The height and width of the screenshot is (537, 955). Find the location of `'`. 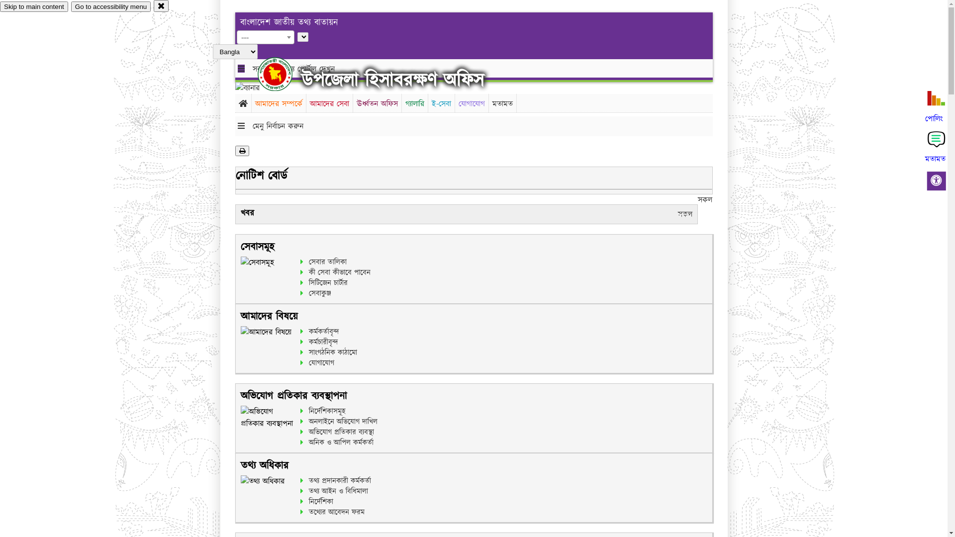

' is located at coordinates (258, 74).